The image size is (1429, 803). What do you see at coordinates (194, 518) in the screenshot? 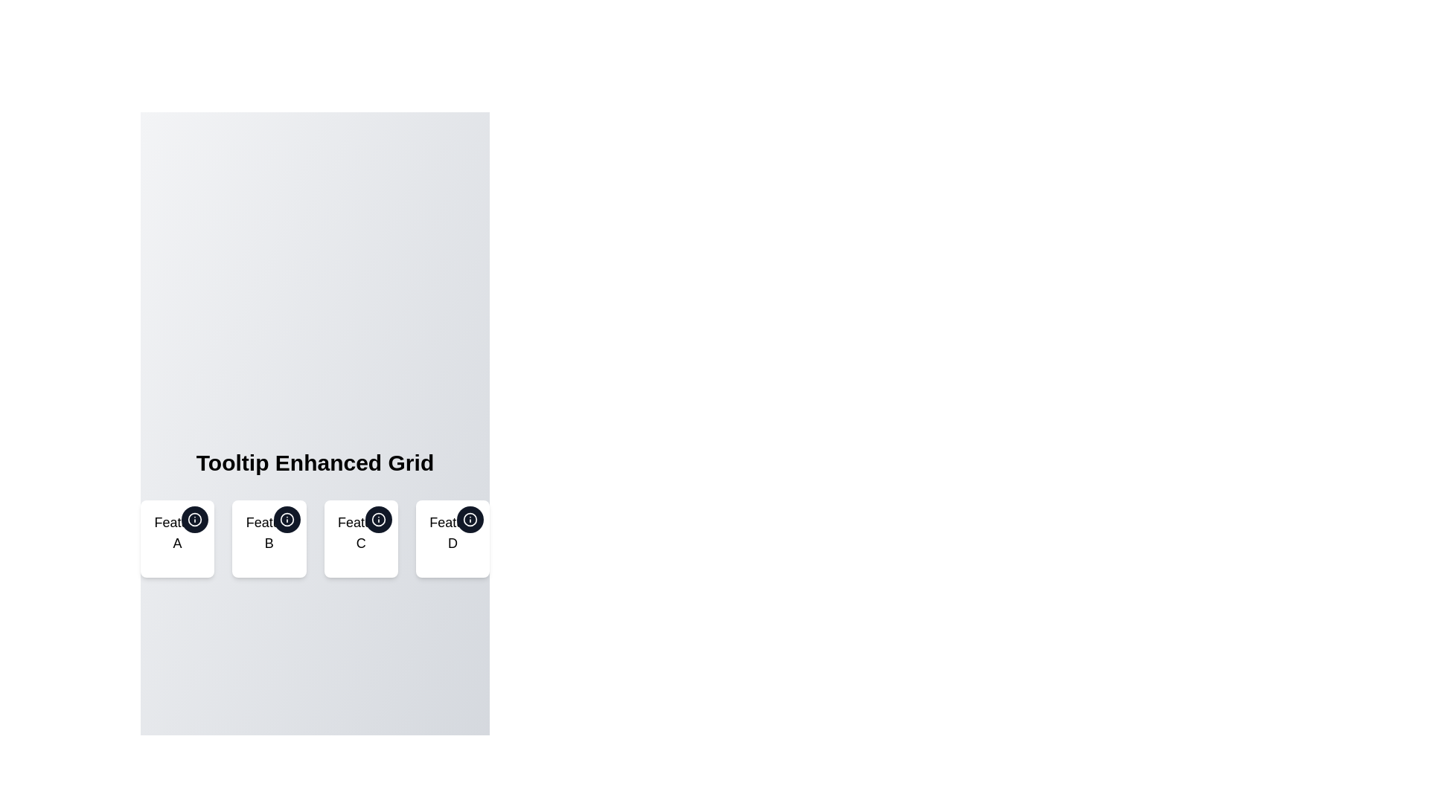
I see `the information icon associated with 'Feature A'` at bounding box center [194, 518].